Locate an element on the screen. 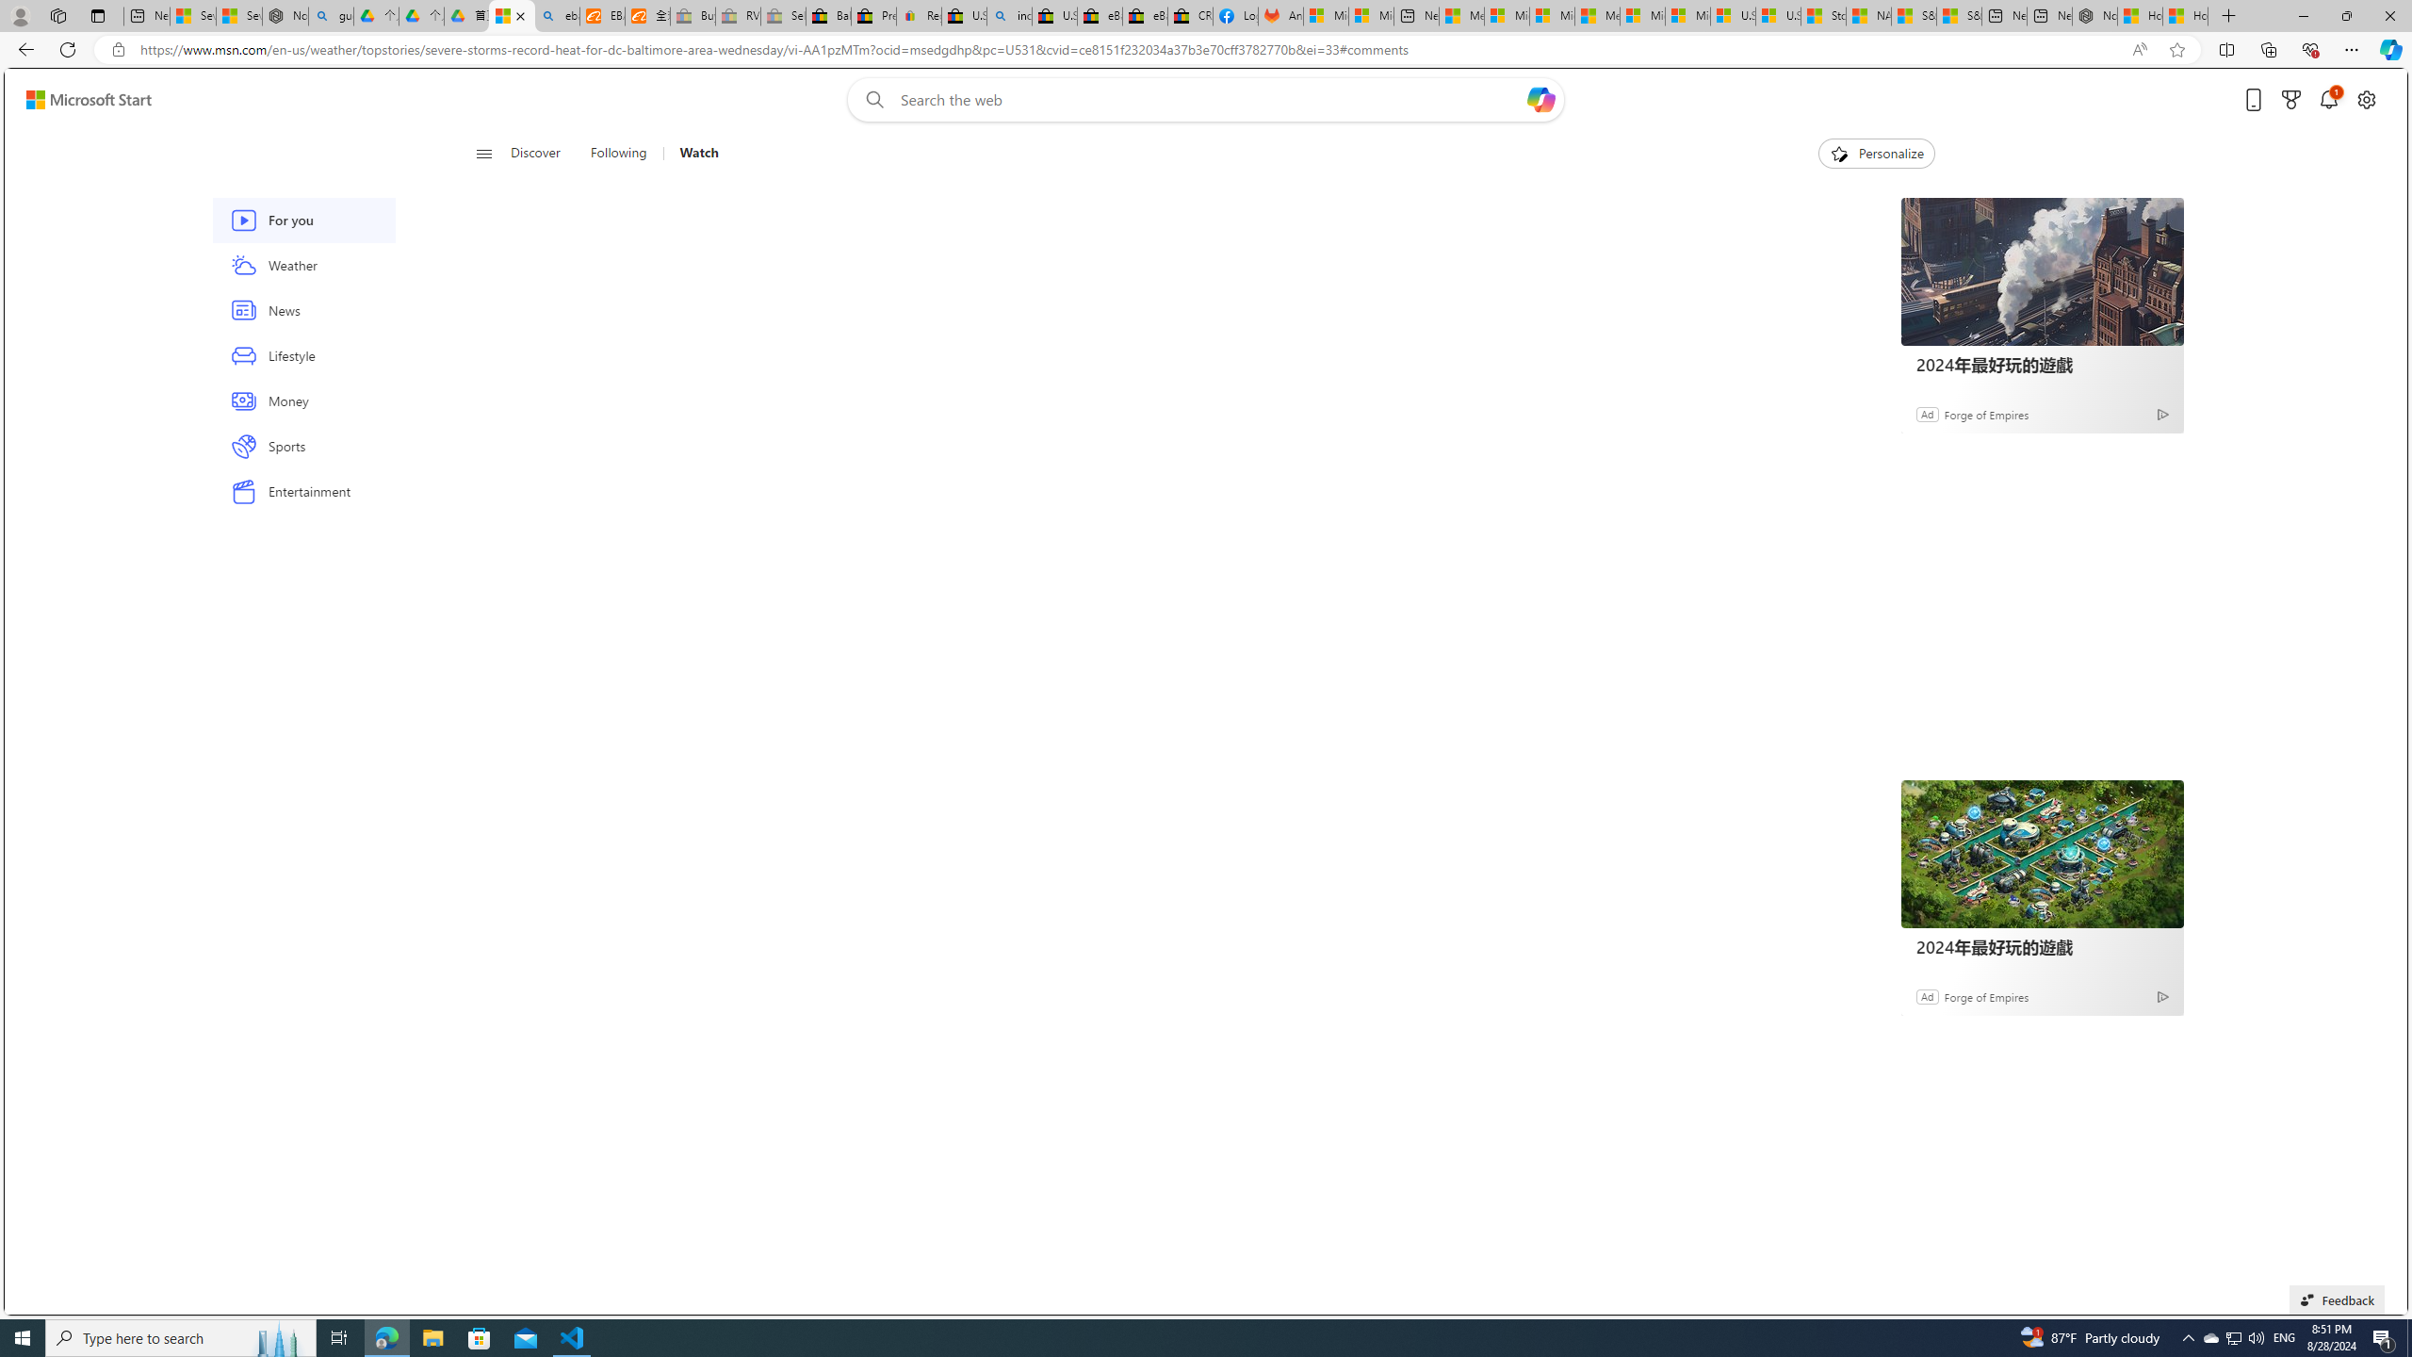 Image resolution: width=2412 pixels, height=1357 pixels. 'Microsoft account | Privacy' is located at coordinates (1507, 15).